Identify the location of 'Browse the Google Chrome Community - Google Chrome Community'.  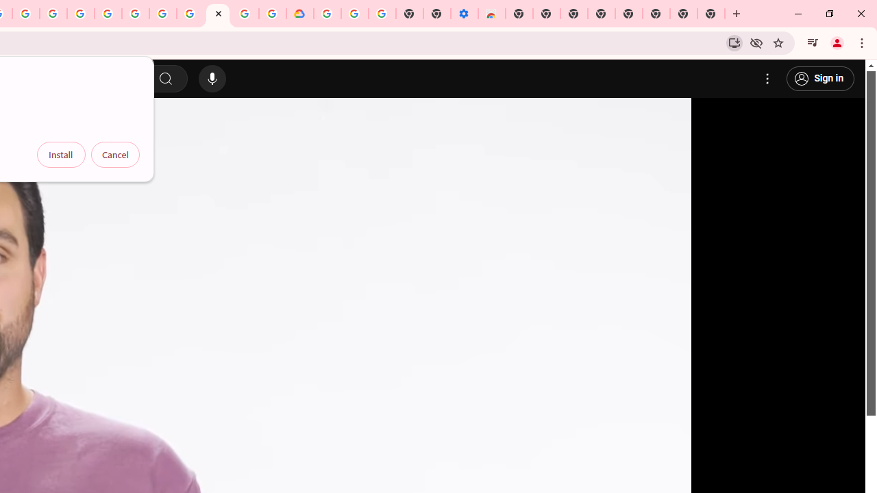
(273, 14).